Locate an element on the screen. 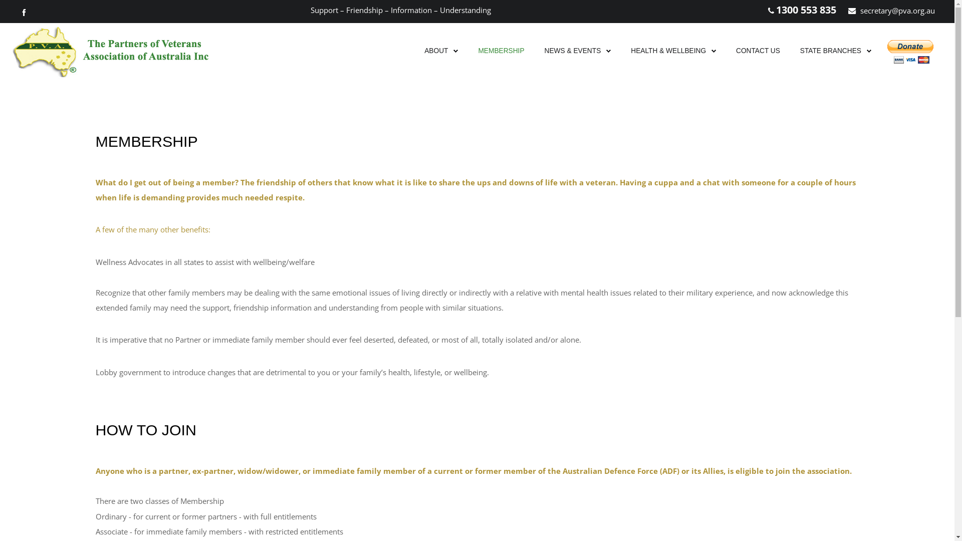 This screenshot has width=962, height=541. 'ABOUT' is located at coordinates (436, 51).